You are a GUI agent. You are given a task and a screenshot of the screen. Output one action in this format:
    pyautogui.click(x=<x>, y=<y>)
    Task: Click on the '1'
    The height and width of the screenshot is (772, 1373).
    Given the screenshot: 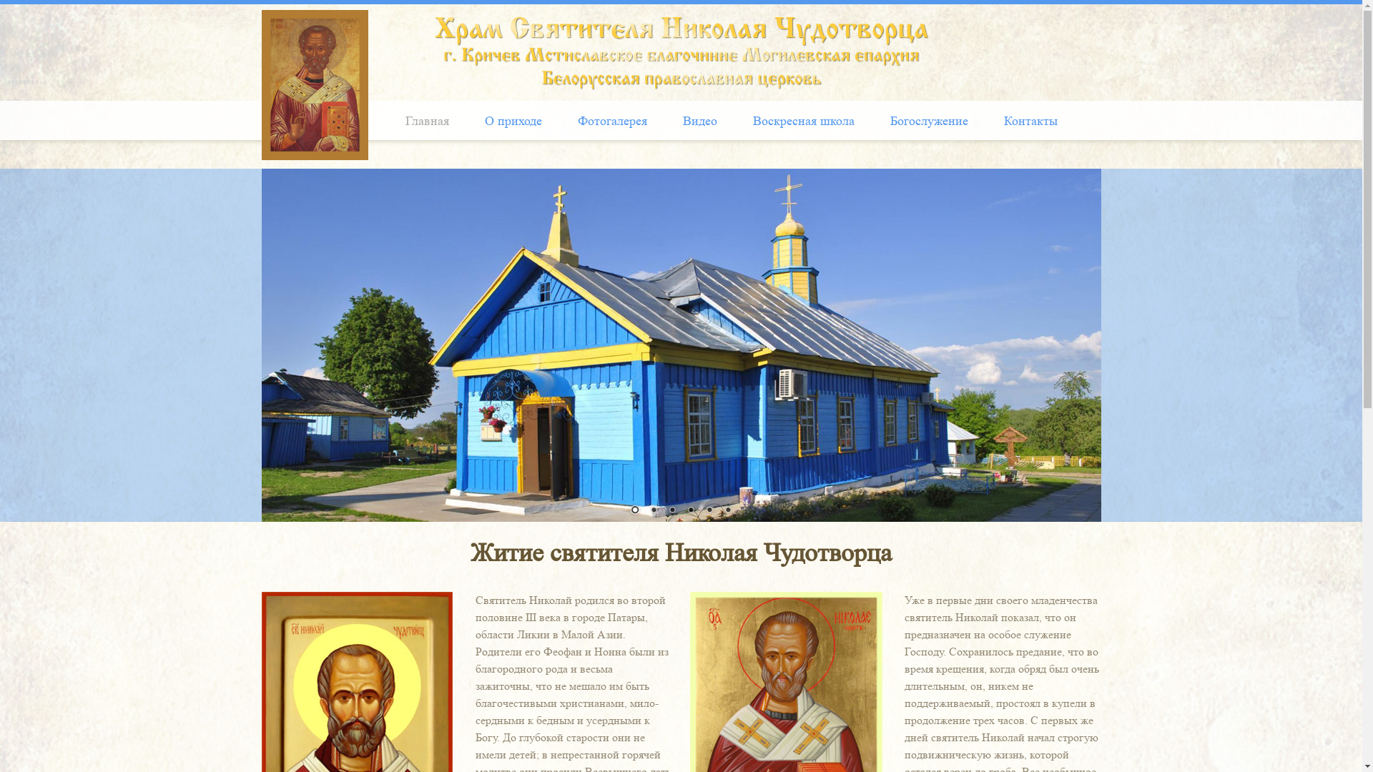 What is the action you would take?
    pyautogui.click(x=634, y=510)
    